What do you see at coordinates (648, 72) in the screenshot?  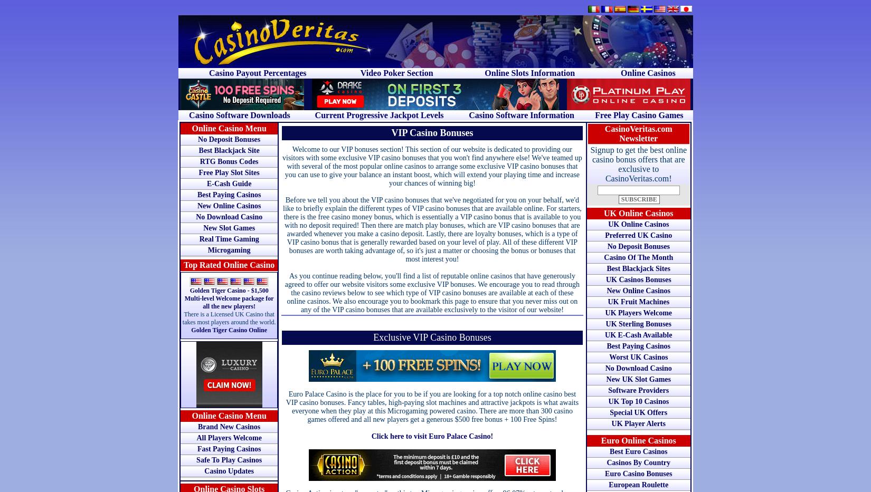 I see `'Online Casinos'` at bounding box center [648, 72].